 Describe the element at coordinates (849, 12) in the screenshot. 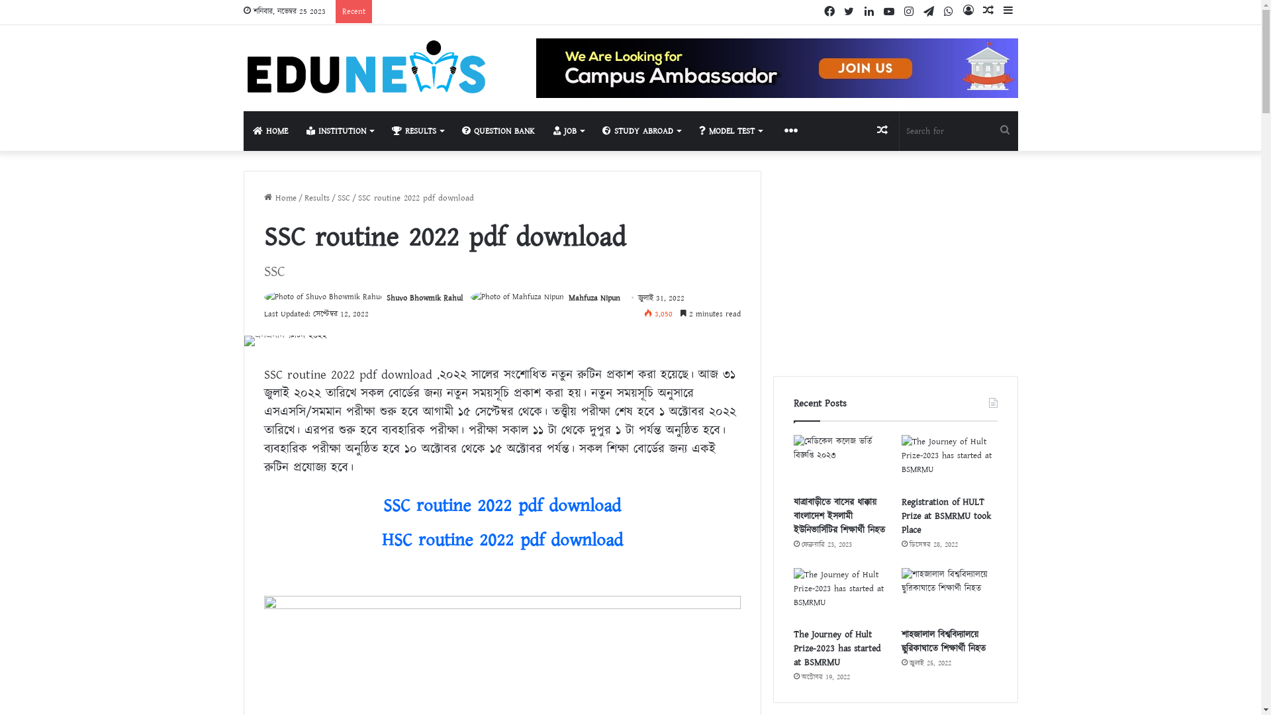

I see `'Twitter'` at that location.